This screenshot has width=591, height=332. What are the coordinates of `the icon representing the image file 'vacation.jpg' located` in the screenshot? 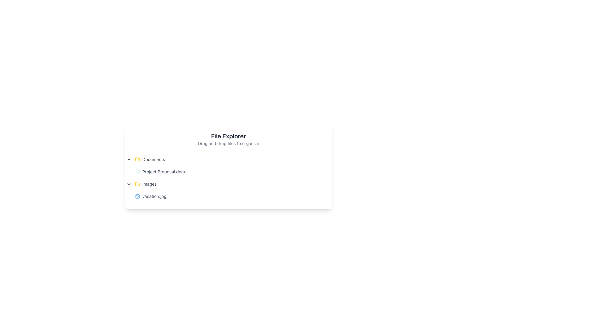 It's located at (137, 196).